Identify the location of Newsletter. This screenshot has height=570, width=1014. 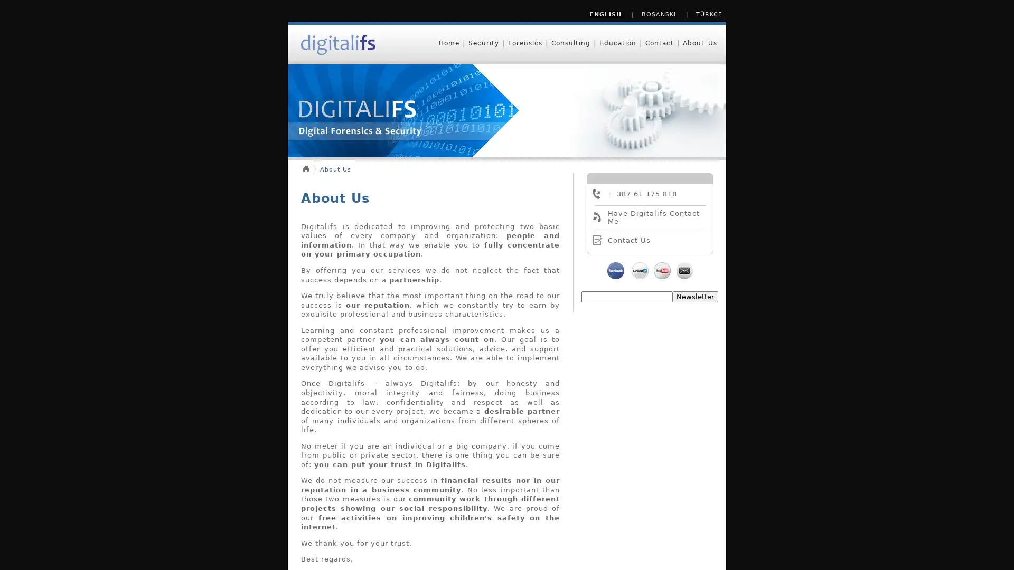
(694, 296).